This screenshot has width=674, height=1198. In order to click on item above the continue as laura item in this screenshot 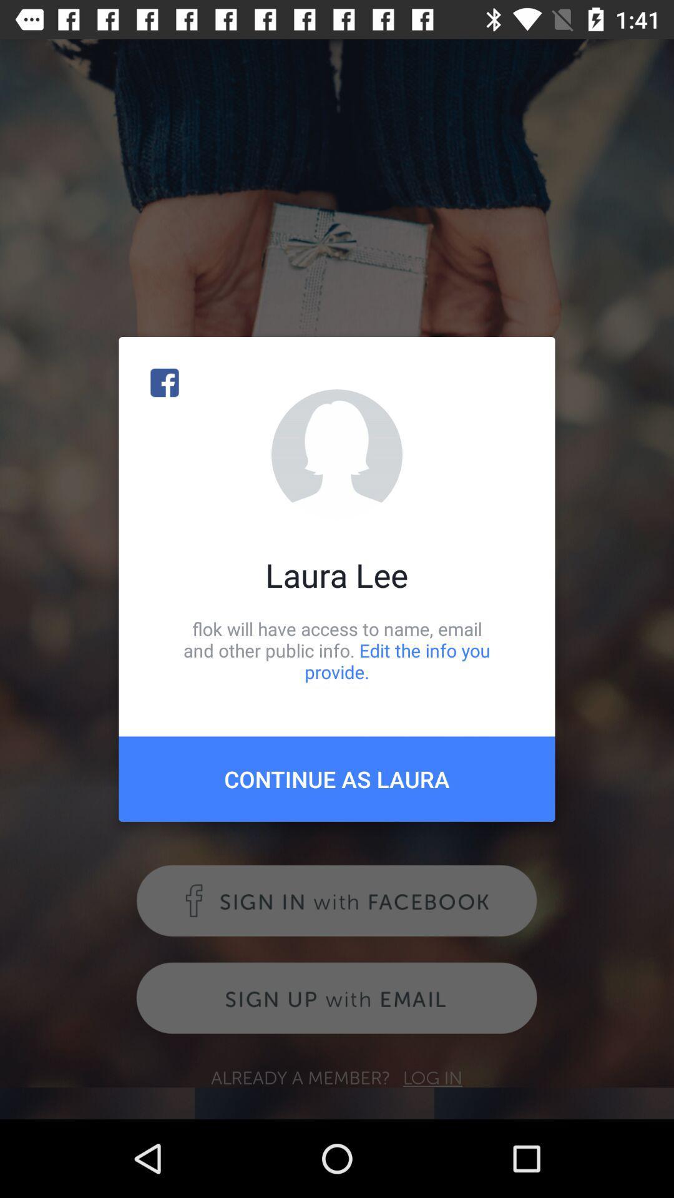, I will do `click(337, 650)`.